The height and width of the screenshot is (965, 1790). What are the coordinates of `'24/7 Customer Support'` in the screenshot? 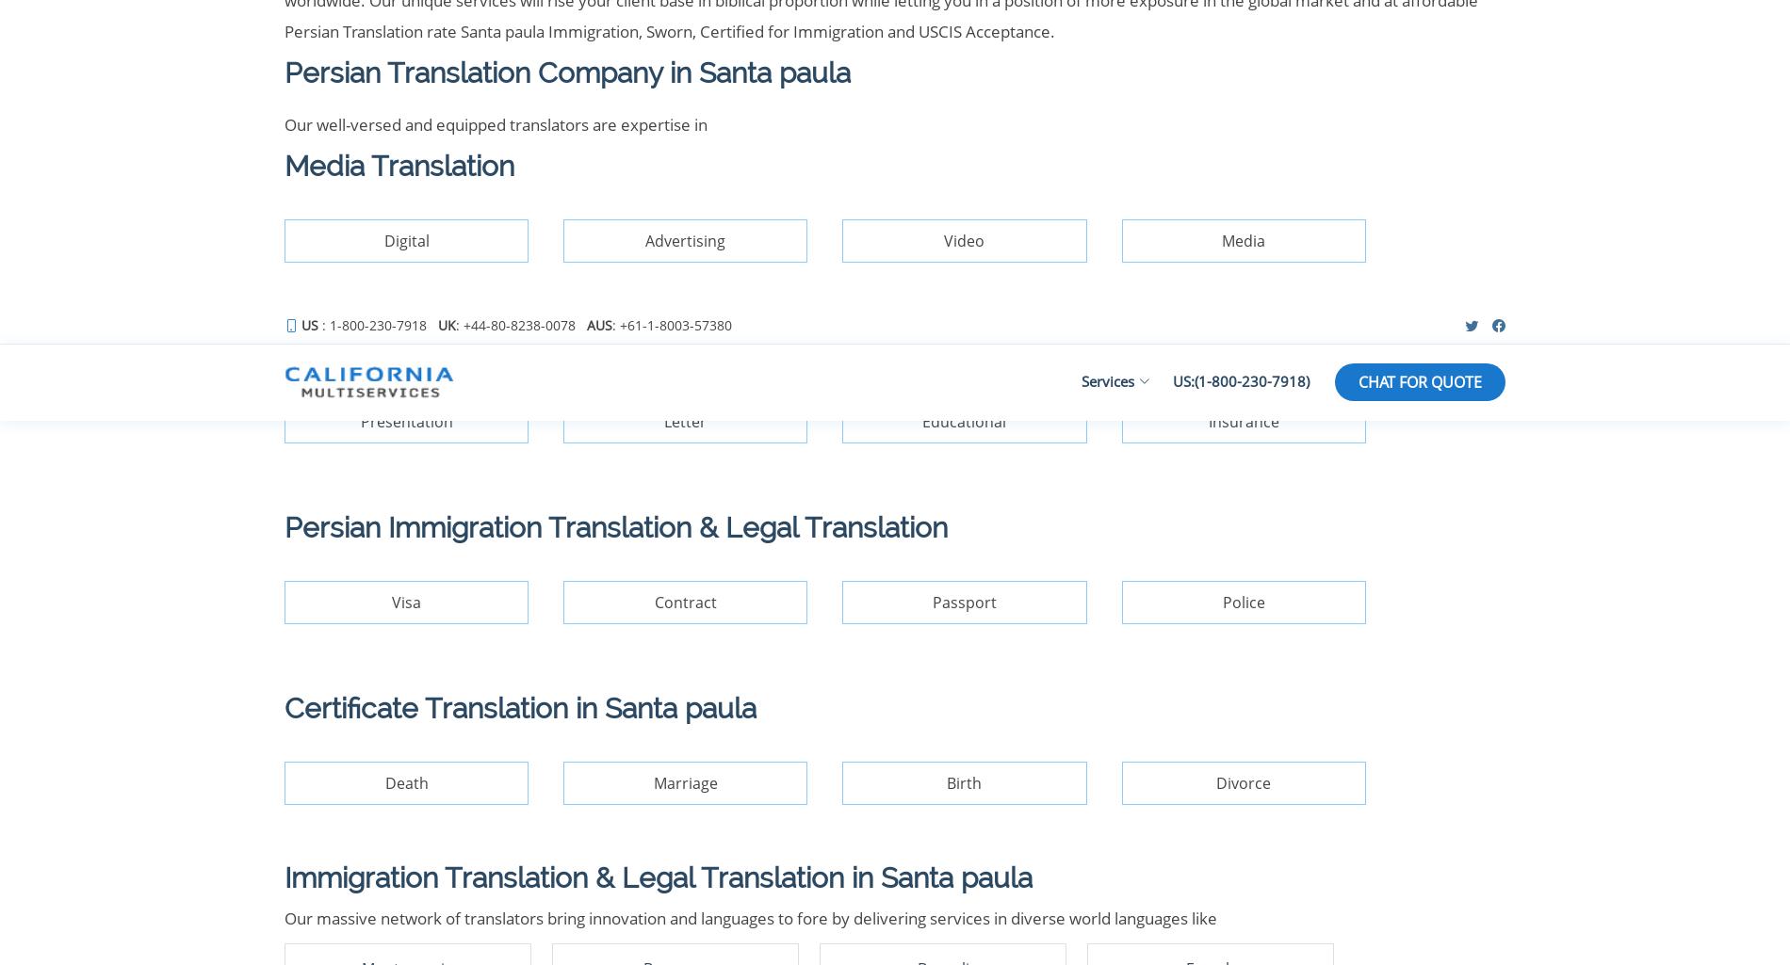 It's located at (1257, 304).